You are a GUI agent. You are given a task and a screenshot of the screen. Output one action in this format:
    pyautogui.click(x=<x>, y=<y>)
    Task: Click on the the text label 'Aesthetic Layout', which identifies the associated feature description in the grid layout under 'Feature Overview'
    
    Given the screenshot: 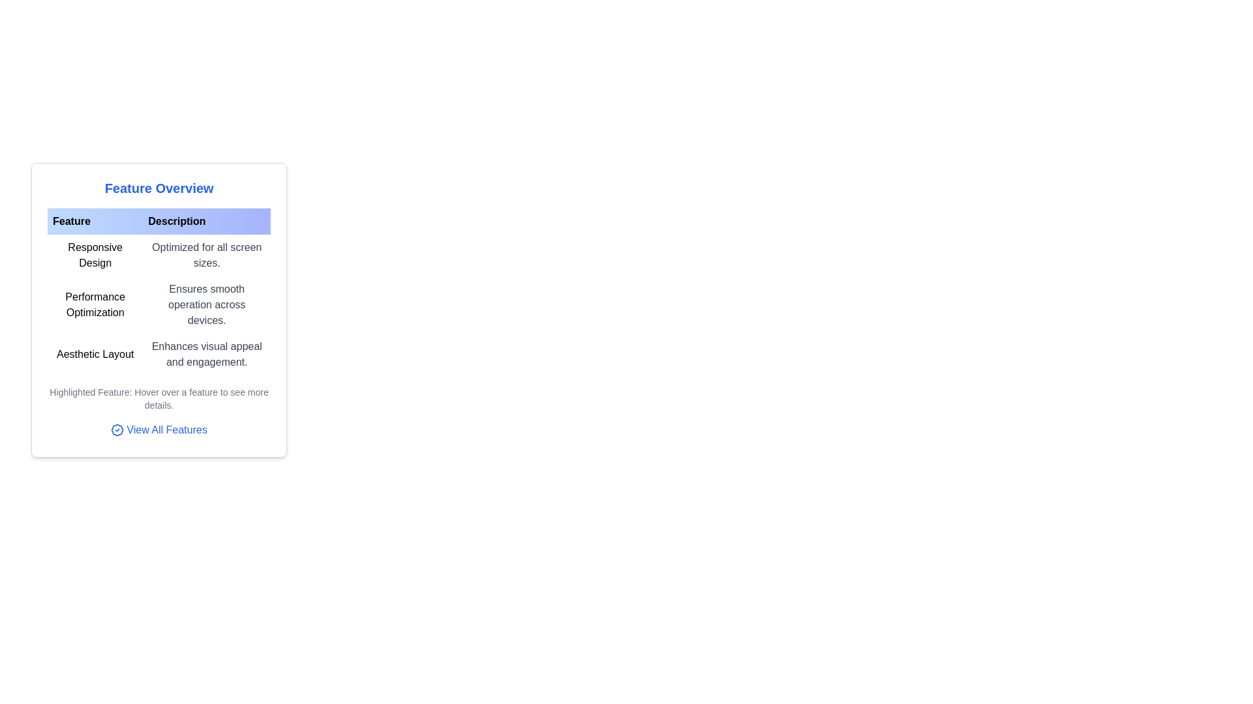 What is the action you would take?
    pyautogui.click(x=95, y=354)
    